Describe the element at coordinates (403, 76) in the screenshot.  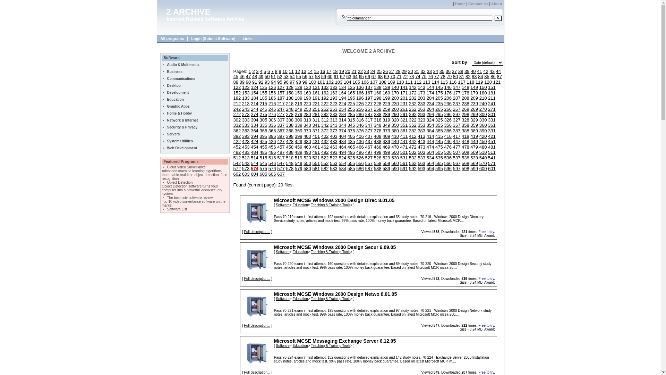
I see `'72'` at that location.